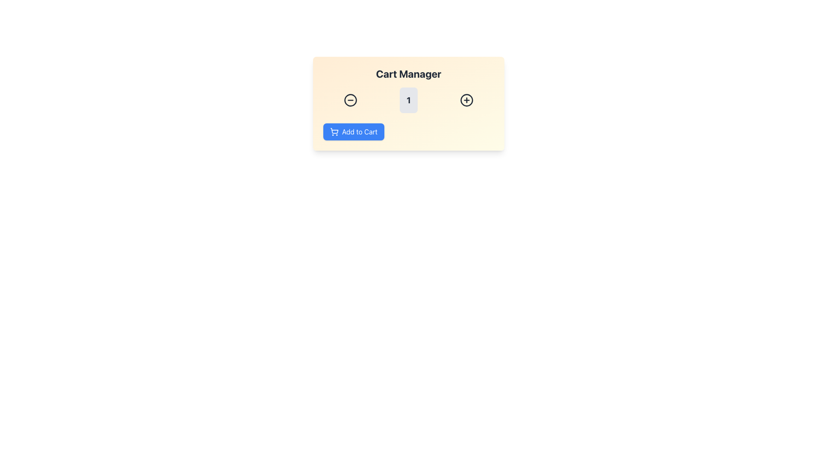  I want to click on the display box that shows the current quantity in the cart, located in the center of a horizontal layout under the 'Cart Manager' heading, so click(408, 100).